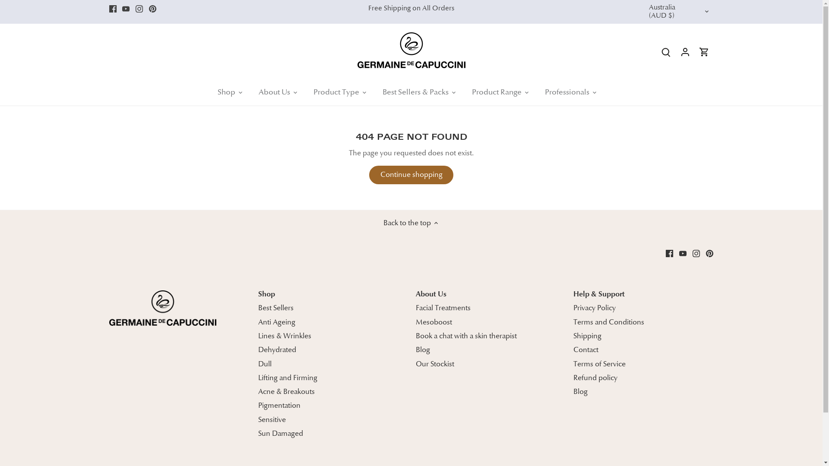 The width and height of the screenshot is (829, 466). Describe the element at coordinates (573, 322) in the screenshot. I see `'Terms and Conditions'` at that location.